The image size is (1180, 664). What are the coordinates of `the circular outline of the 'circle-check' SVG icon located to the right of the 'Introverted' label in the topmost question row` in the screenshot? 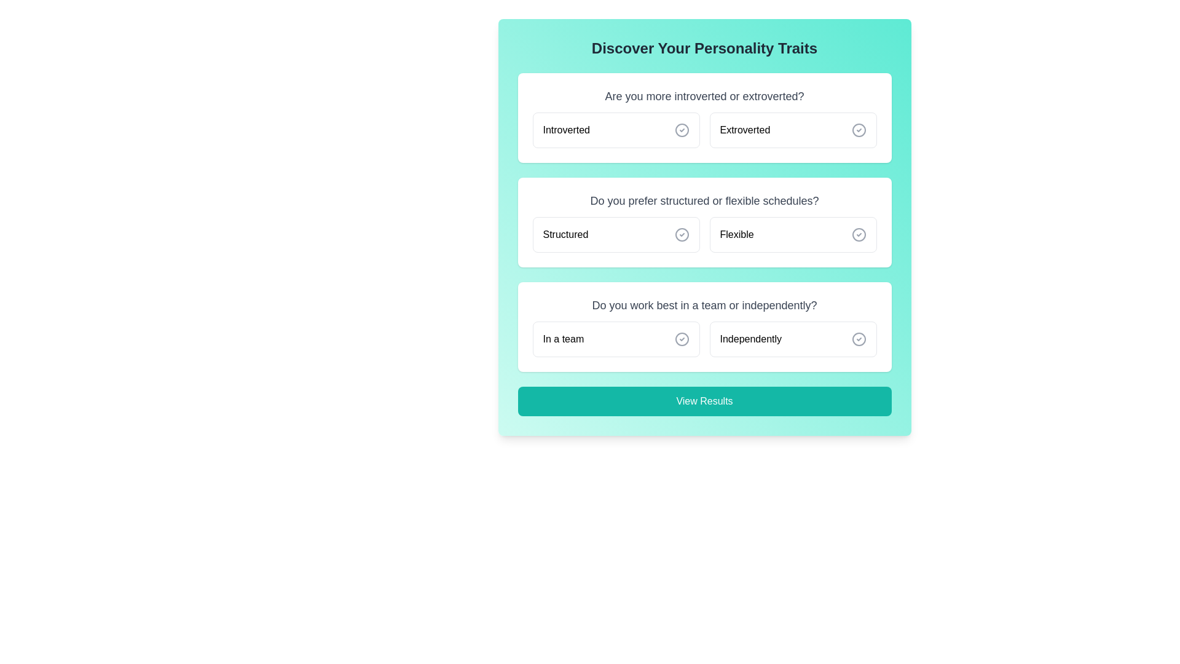 It's located at (681, 130).